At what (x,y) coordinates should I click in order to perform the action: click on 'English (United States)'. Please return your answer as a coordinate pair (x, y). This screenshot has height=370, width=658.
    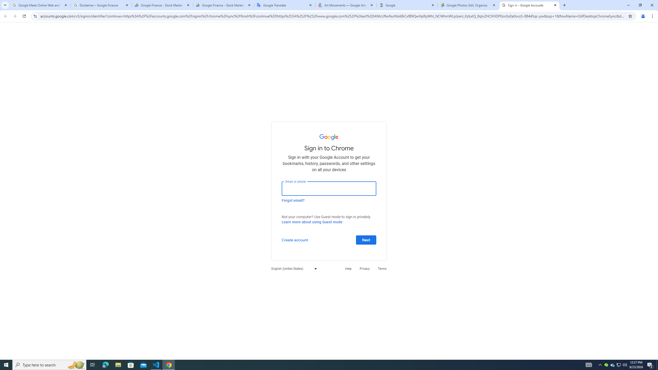
    Looking at the image, I should click on (293, 269).